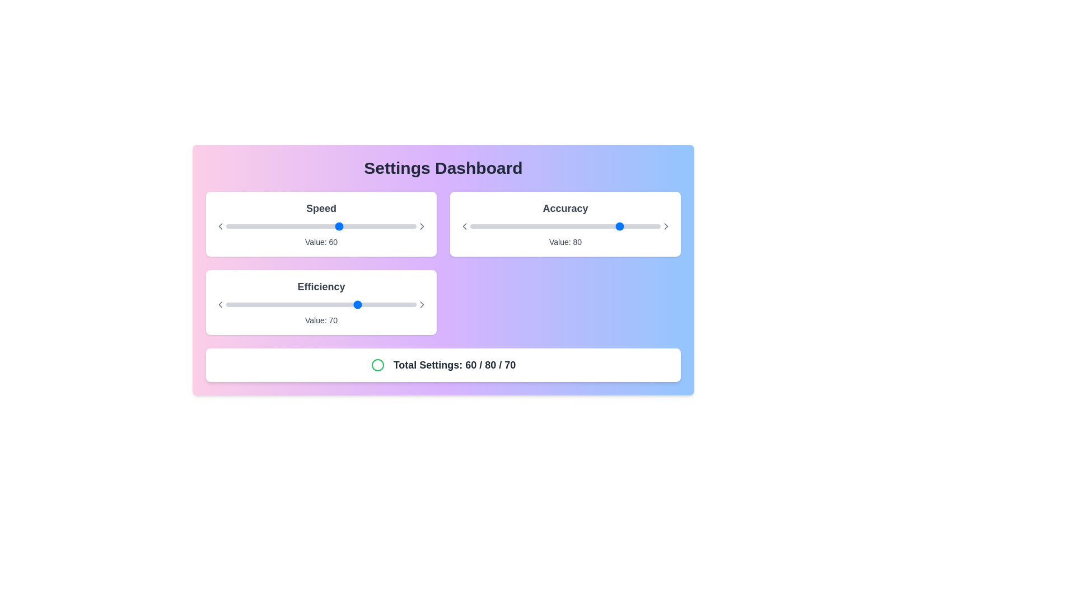 The width and height of the screenshot is (1075, 604). I want to click on the 'Speed' text label displaying the value '60', so click(321, 241).